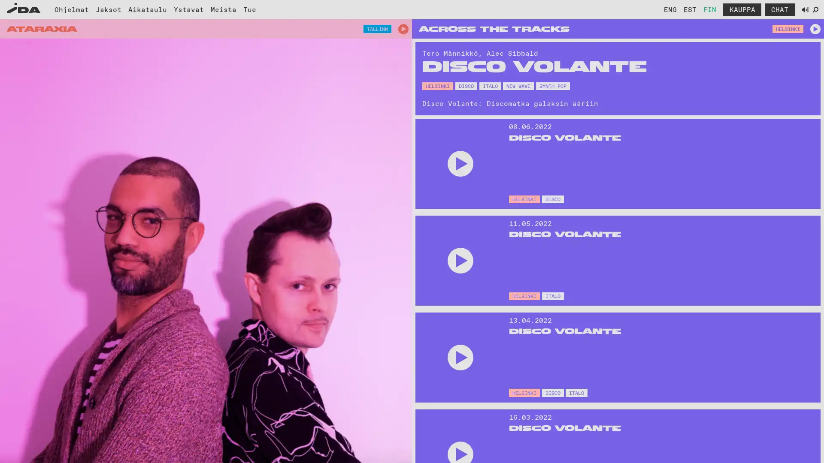  What do you see at coordinates (459, 259) in the screenshot?
I see `Play` at bounding box center [459, 259].